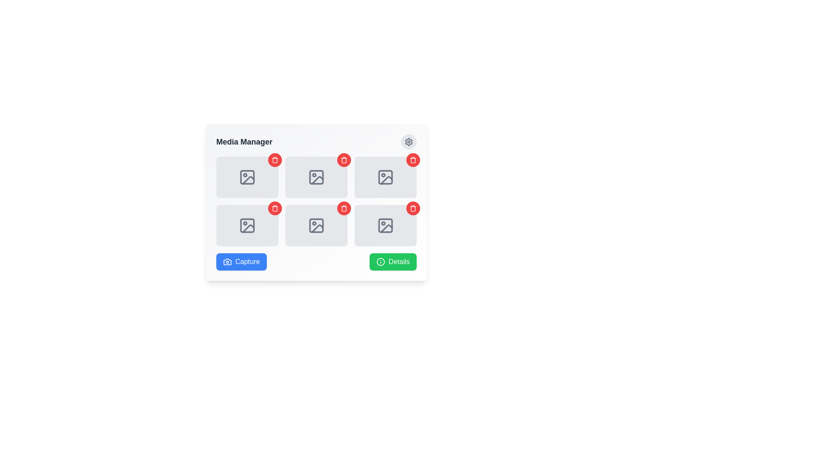  Describe the element at coordinates (343, 160) in the screenshot. I see `the trash bin icon button with a red background in the top-right corner of the media item grid slot to initiate a delete action` at that location.